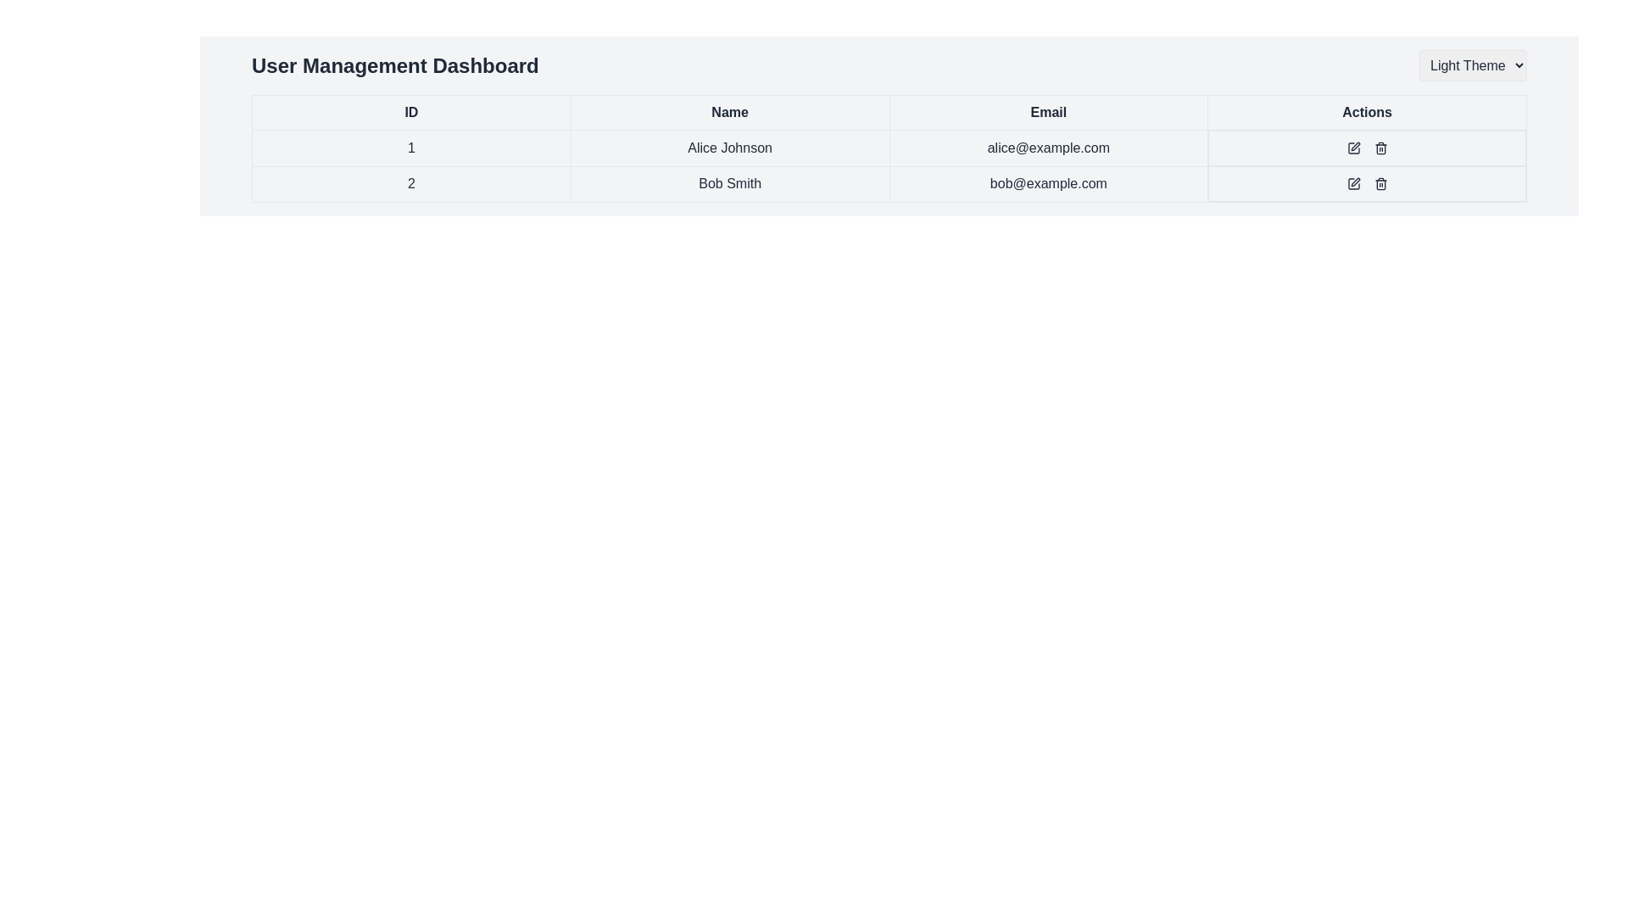  What do you see at coordinates (1380, 147) in the screenshot?
I see `the trash can icon button located in the second row of the 'Actions' column on the 'User Management Dashboard' interface to possibly see a tooltip` at bounding box center [1380, 147].